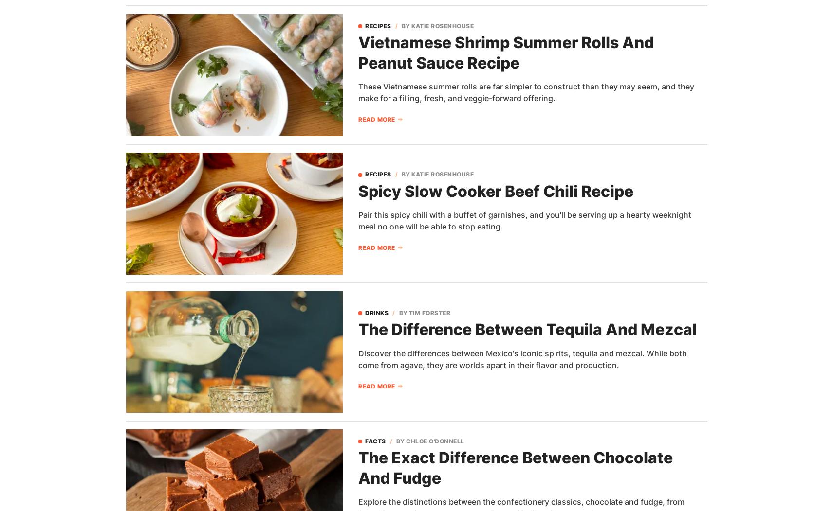  I want to click on 'Drinks', so click(376, 312).